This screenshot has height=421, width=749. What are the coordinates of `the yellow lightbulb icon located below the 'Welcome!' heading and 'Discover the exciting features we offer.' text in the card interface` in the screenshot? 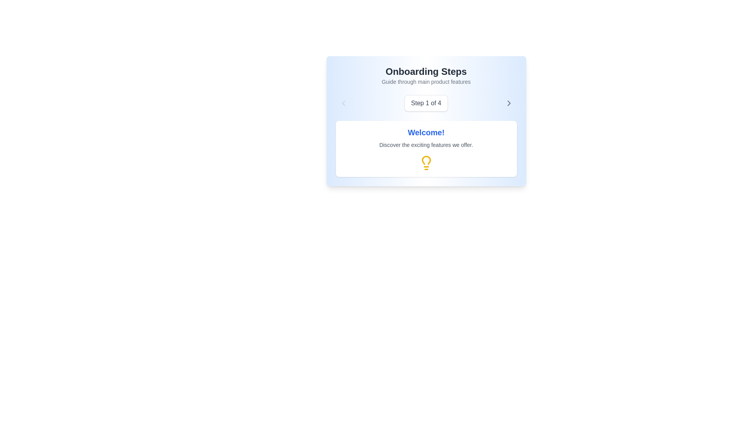 It's located at (426, 162).